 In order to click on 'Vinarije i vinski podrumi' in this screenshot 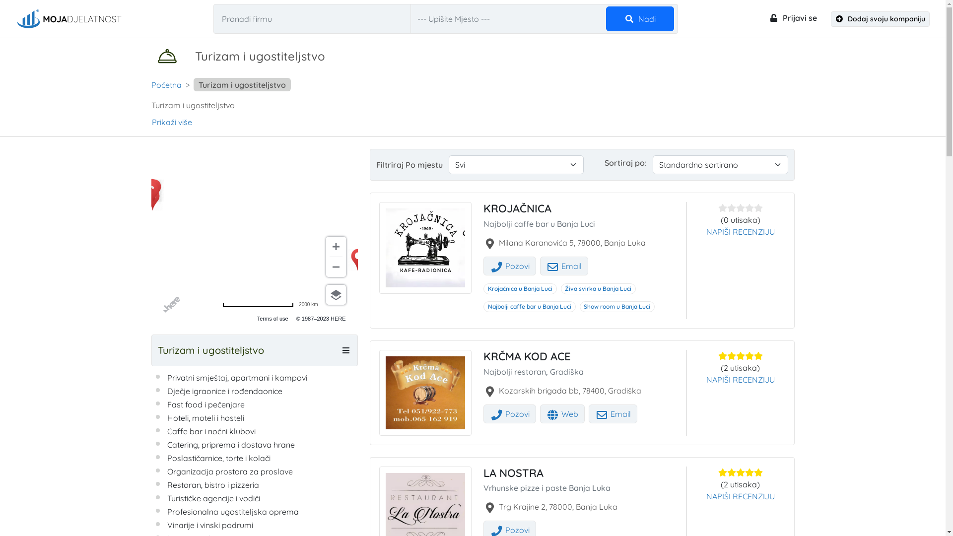, I will do `click(167, 524)`.